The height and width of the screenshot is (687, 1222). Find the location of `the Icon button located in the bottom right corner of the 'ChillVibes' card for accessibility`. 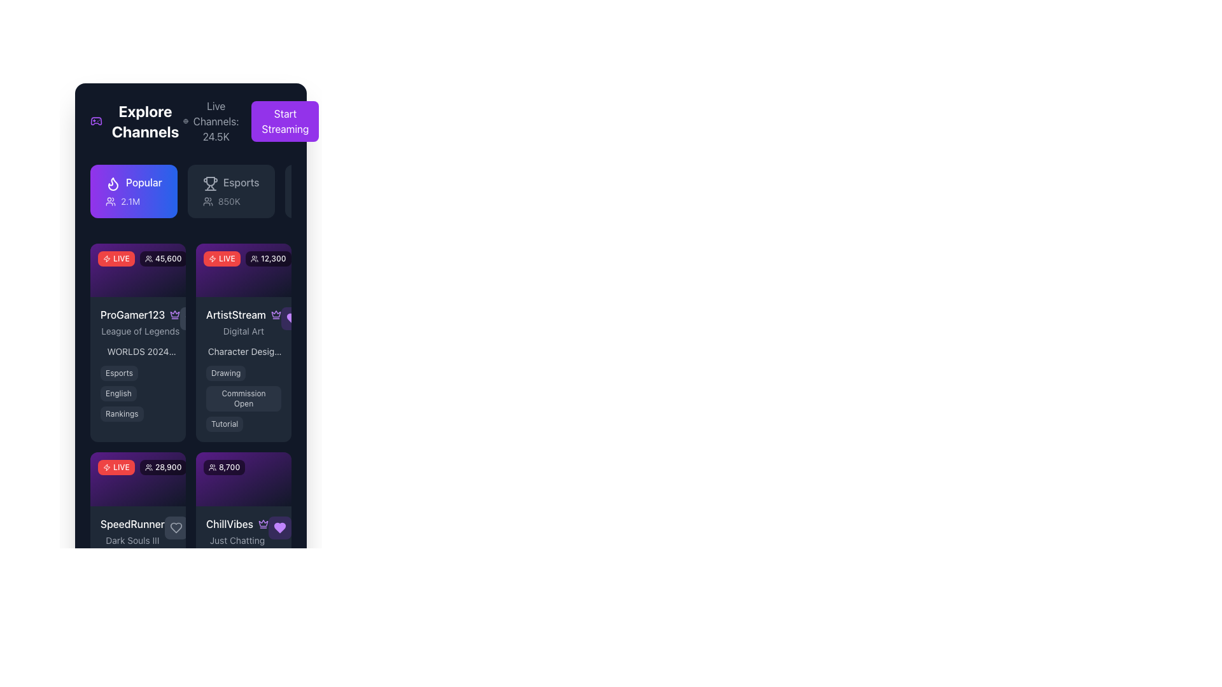

the Icon button located in the bottom right corner of the 'ChillVibes' card for accessibility is located at coordinates (279, 527).